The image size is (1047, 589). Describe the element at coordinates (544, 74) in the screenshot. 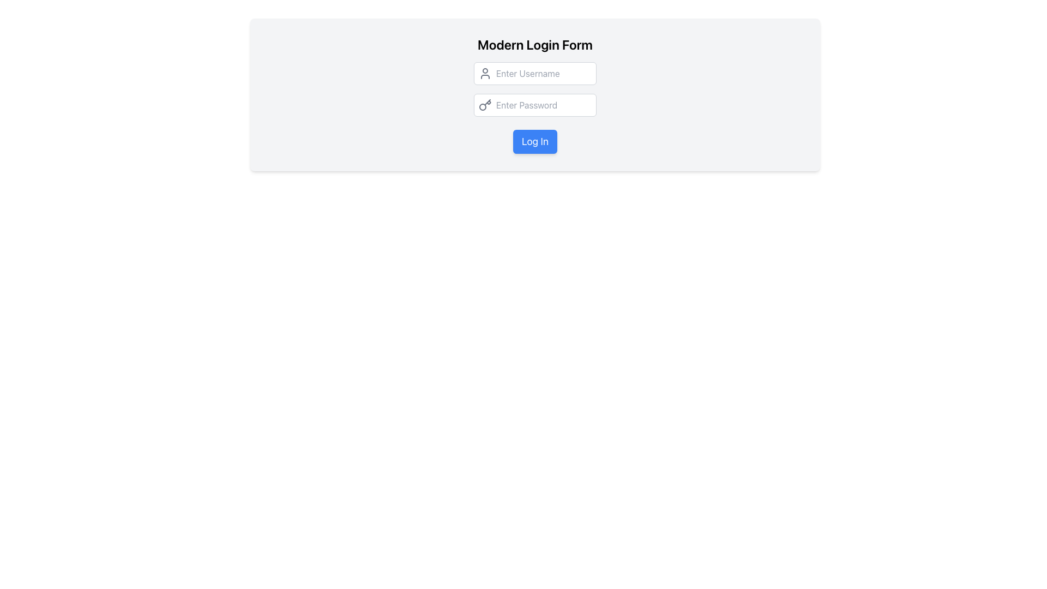

I see `the text input field for username entry` at that location.